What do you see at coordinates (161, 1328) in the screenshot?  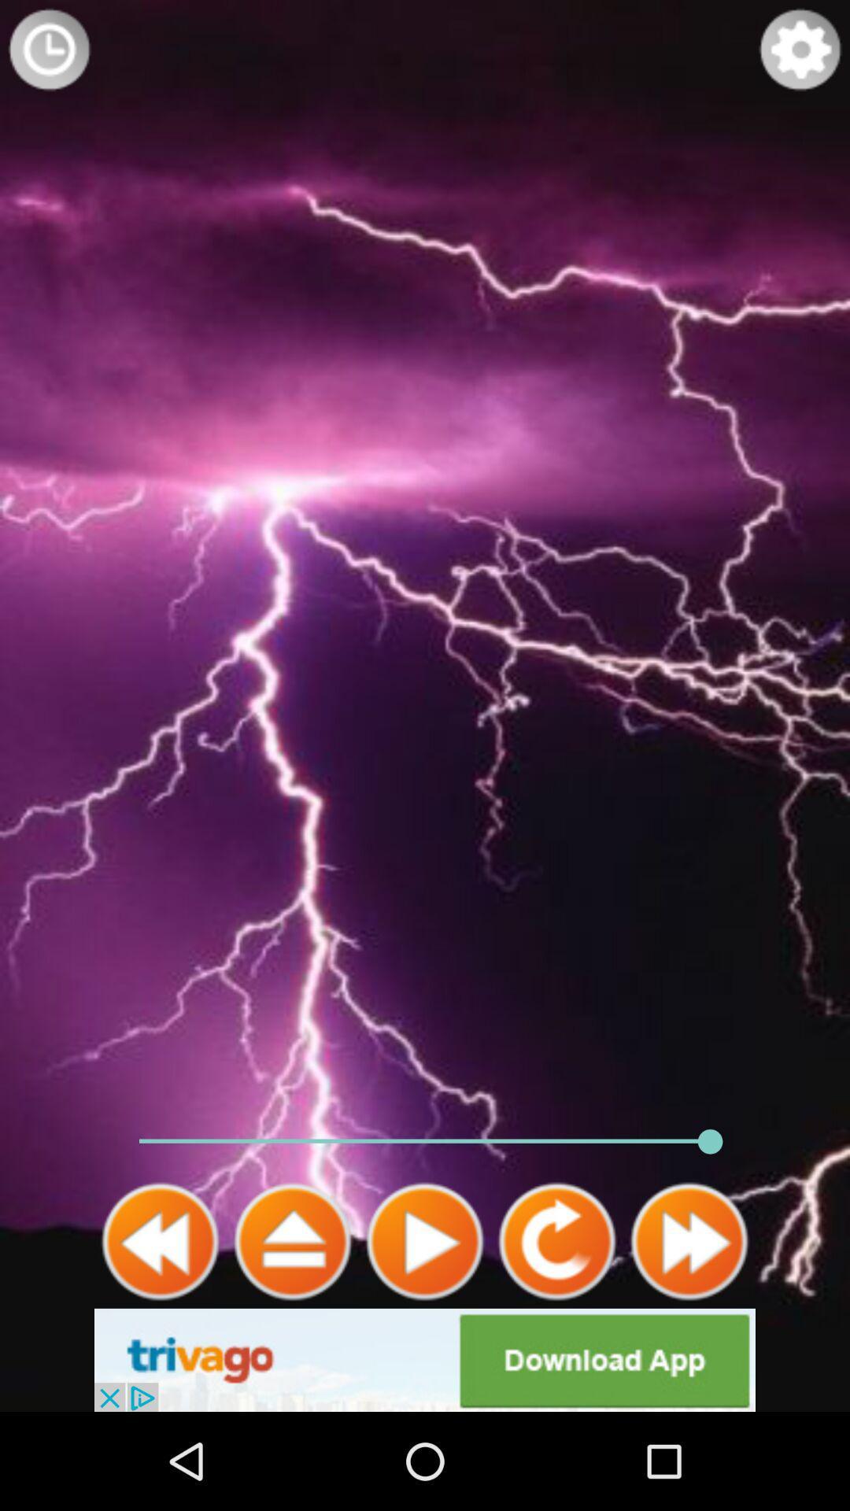 I see `the av_rewind icon` at bounding box center [161, 1328].